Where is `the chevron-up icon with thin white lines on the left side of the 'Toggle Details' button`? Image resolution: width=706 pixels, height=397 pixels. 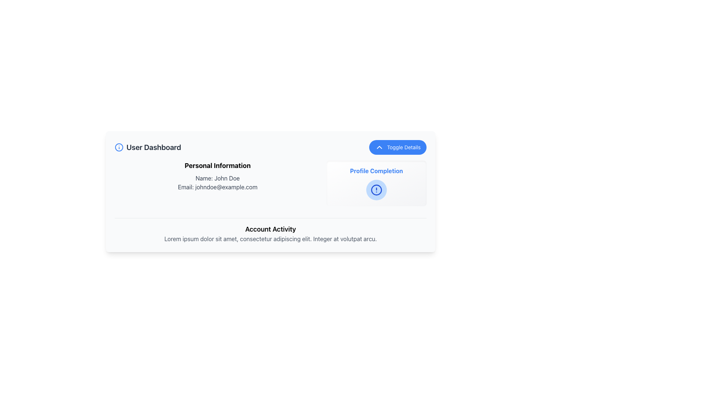 the chevron-up icon with thin white lines on the left side of the 'Toggle Details' button is located at coordinates (379, 147).